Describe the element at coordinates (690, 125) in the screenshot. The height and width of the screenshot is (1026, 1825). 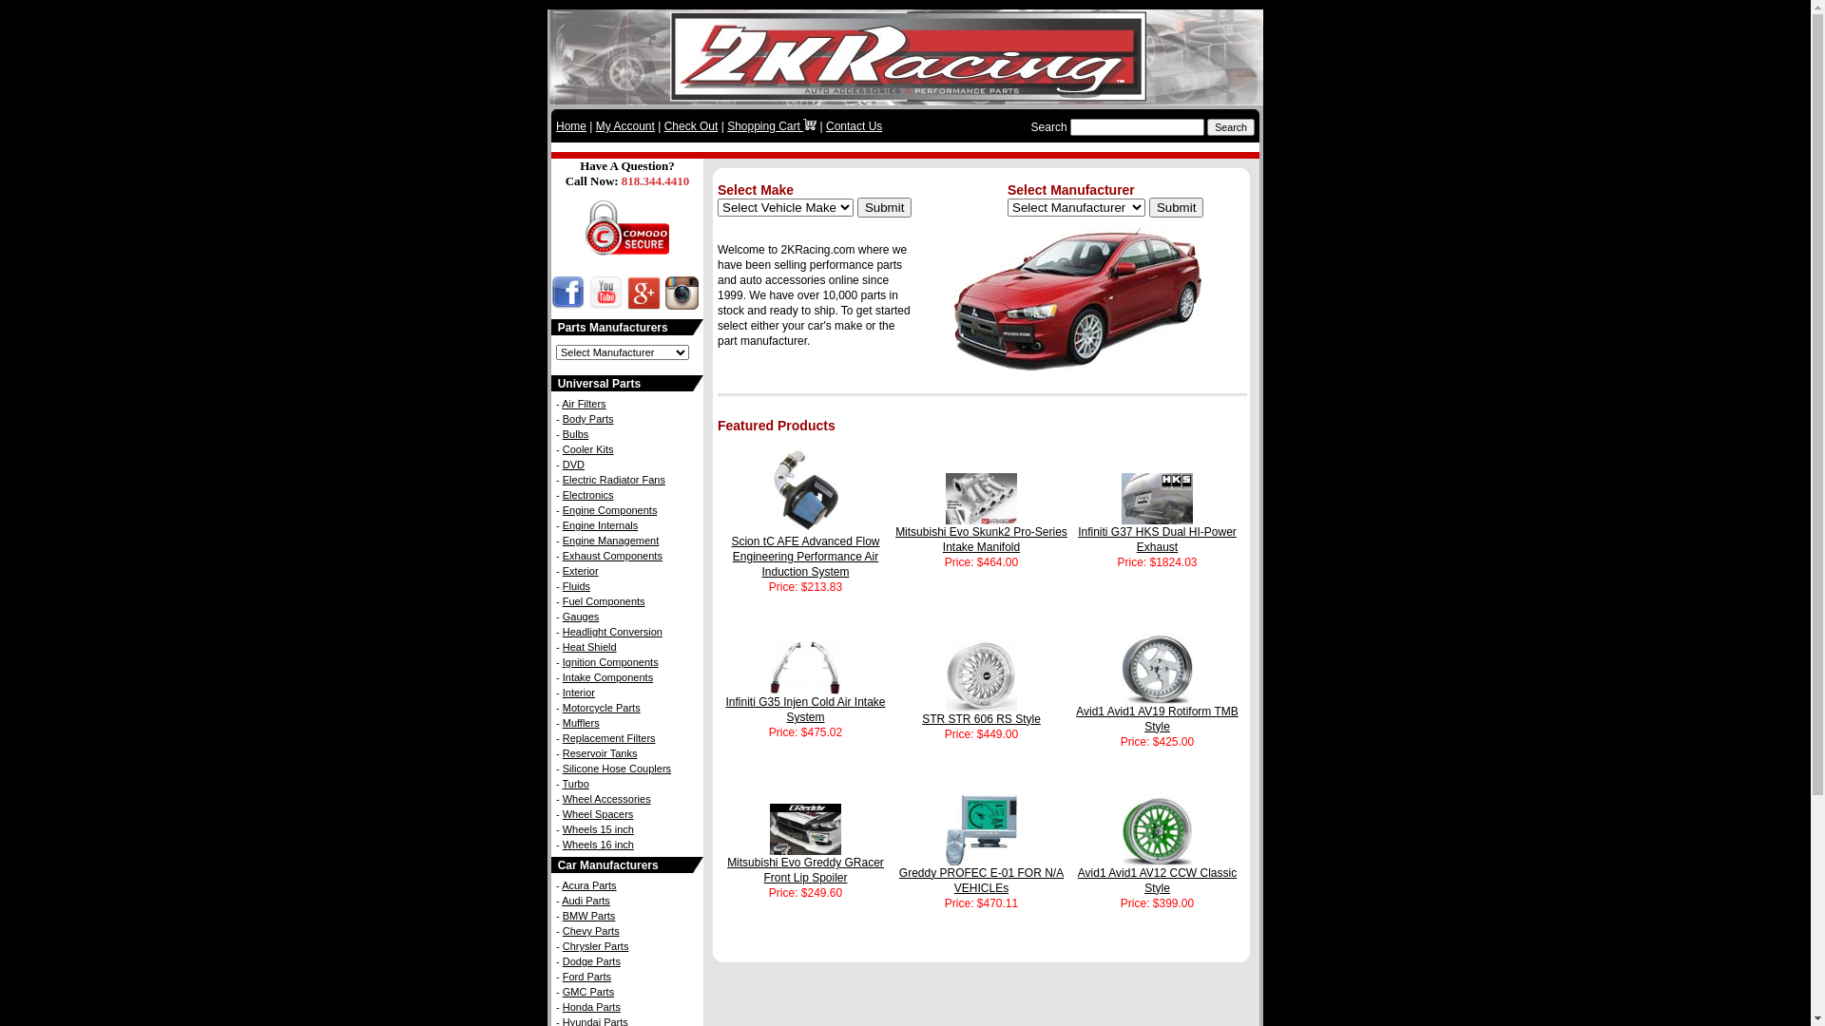
I see `'Check Out'` at that location.